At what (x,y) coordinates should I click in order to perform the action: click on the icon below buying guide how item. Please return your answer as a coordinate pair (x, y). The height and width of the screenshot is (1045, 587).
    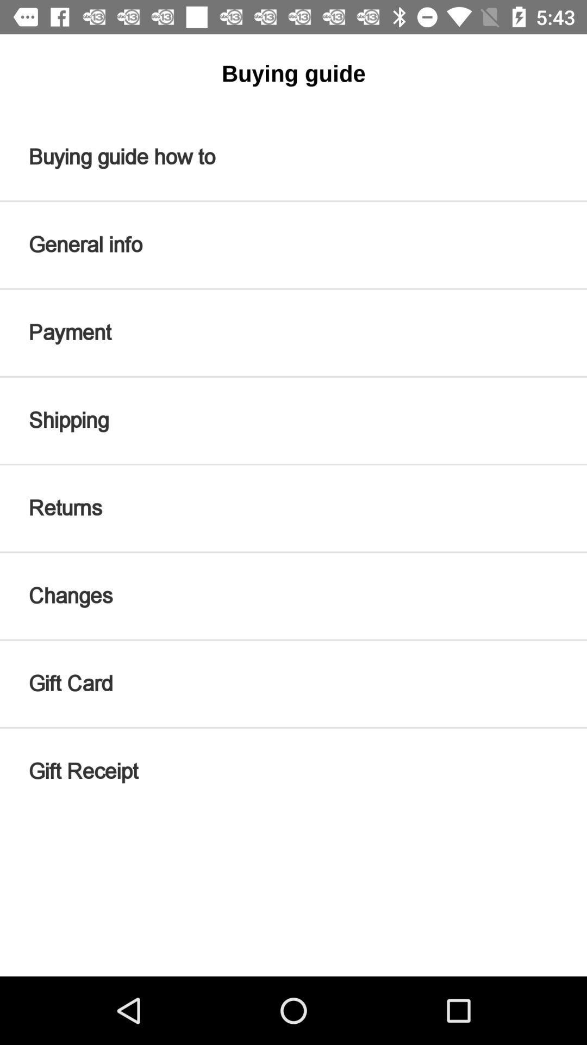
    Looking at the image, I should click on (293, 244).